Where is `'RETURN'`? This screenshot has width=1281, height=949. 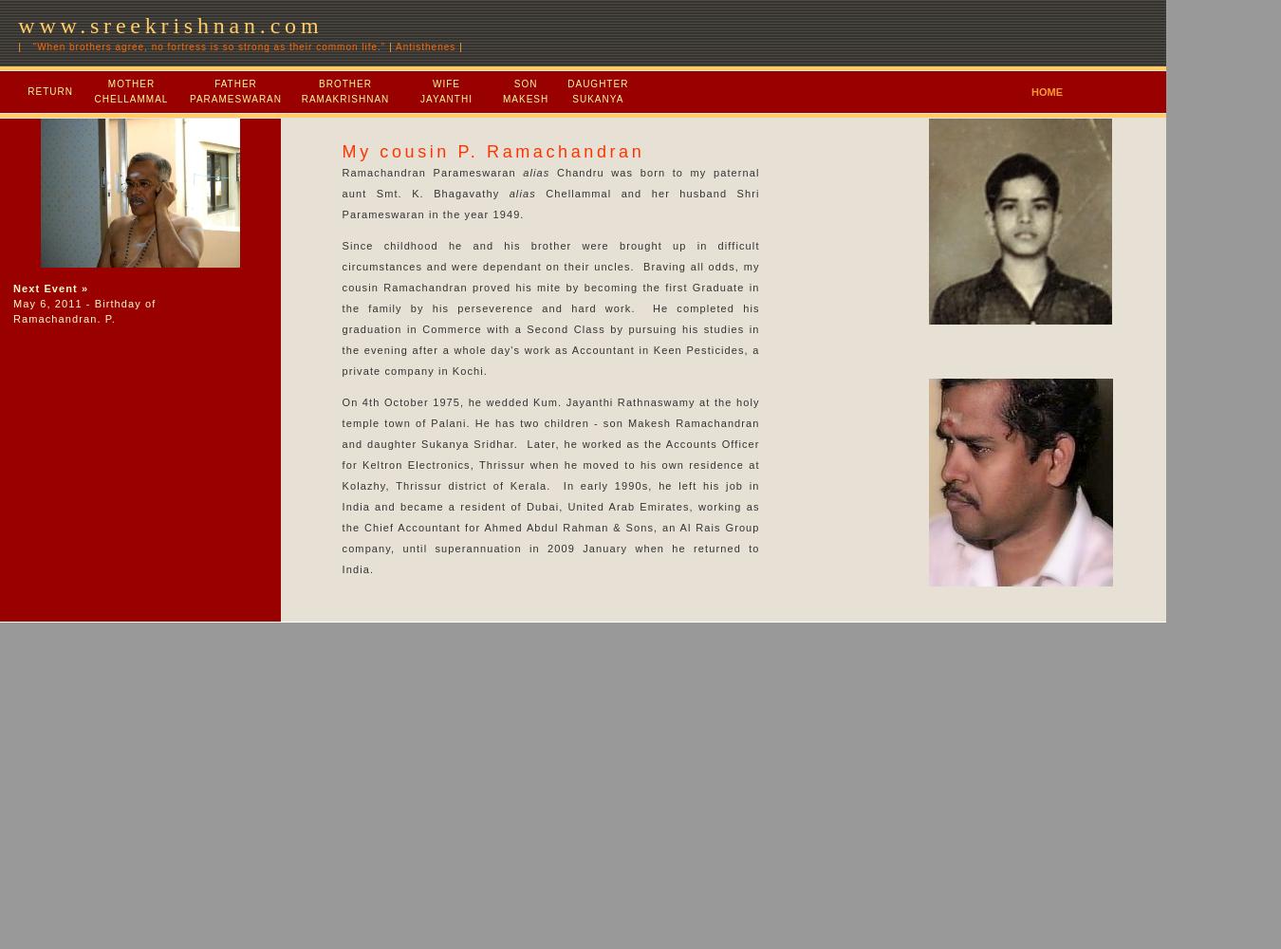
'RETURN' is located at coordinates (27, 90).